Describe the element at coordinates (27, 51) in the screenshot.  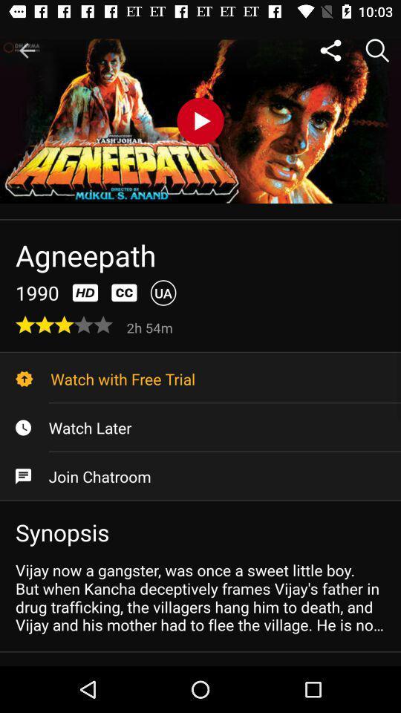
I see `icon at the top left corner` at that location.